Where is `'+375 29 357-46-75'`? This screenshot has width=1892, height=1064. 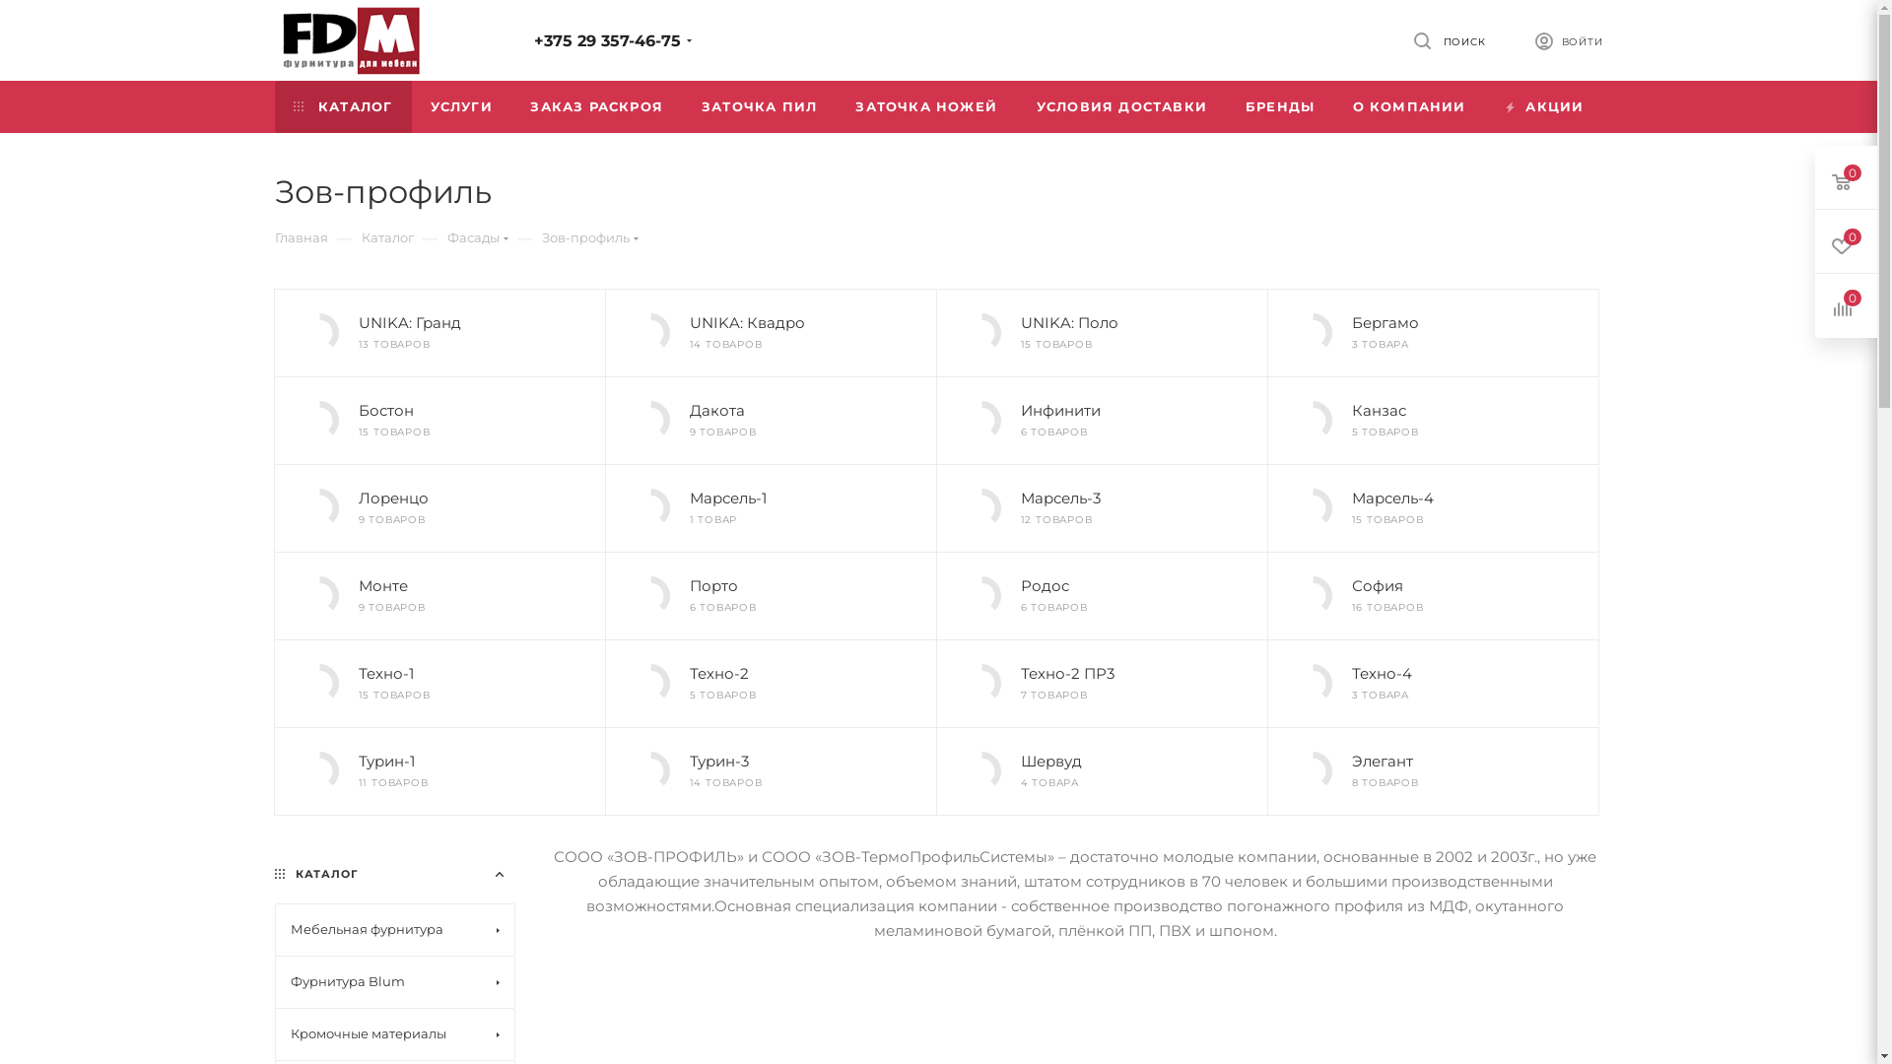
'+375 29 357-46-75' is located at coordinates (606, 40).